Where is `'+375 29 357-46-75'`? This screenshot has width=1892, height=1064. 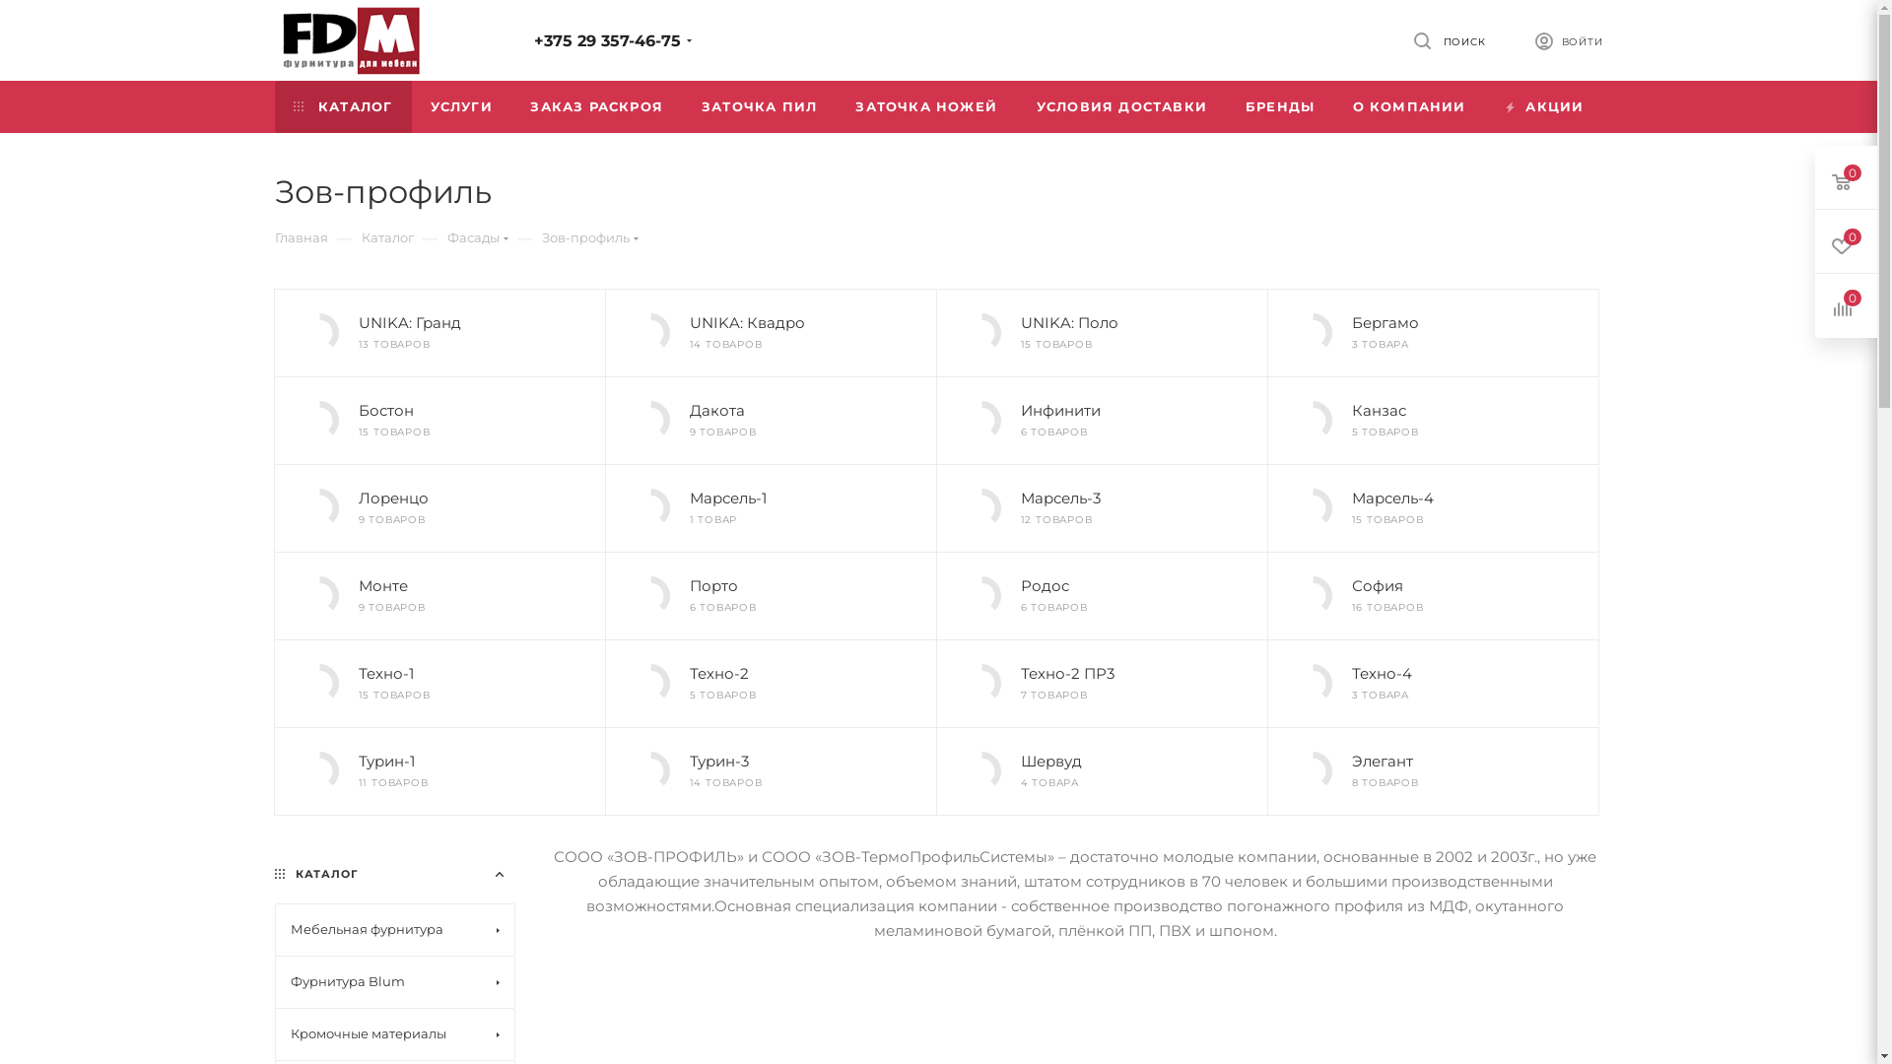
'+375 29 357-46-75' is located at coordinates (606, 40).